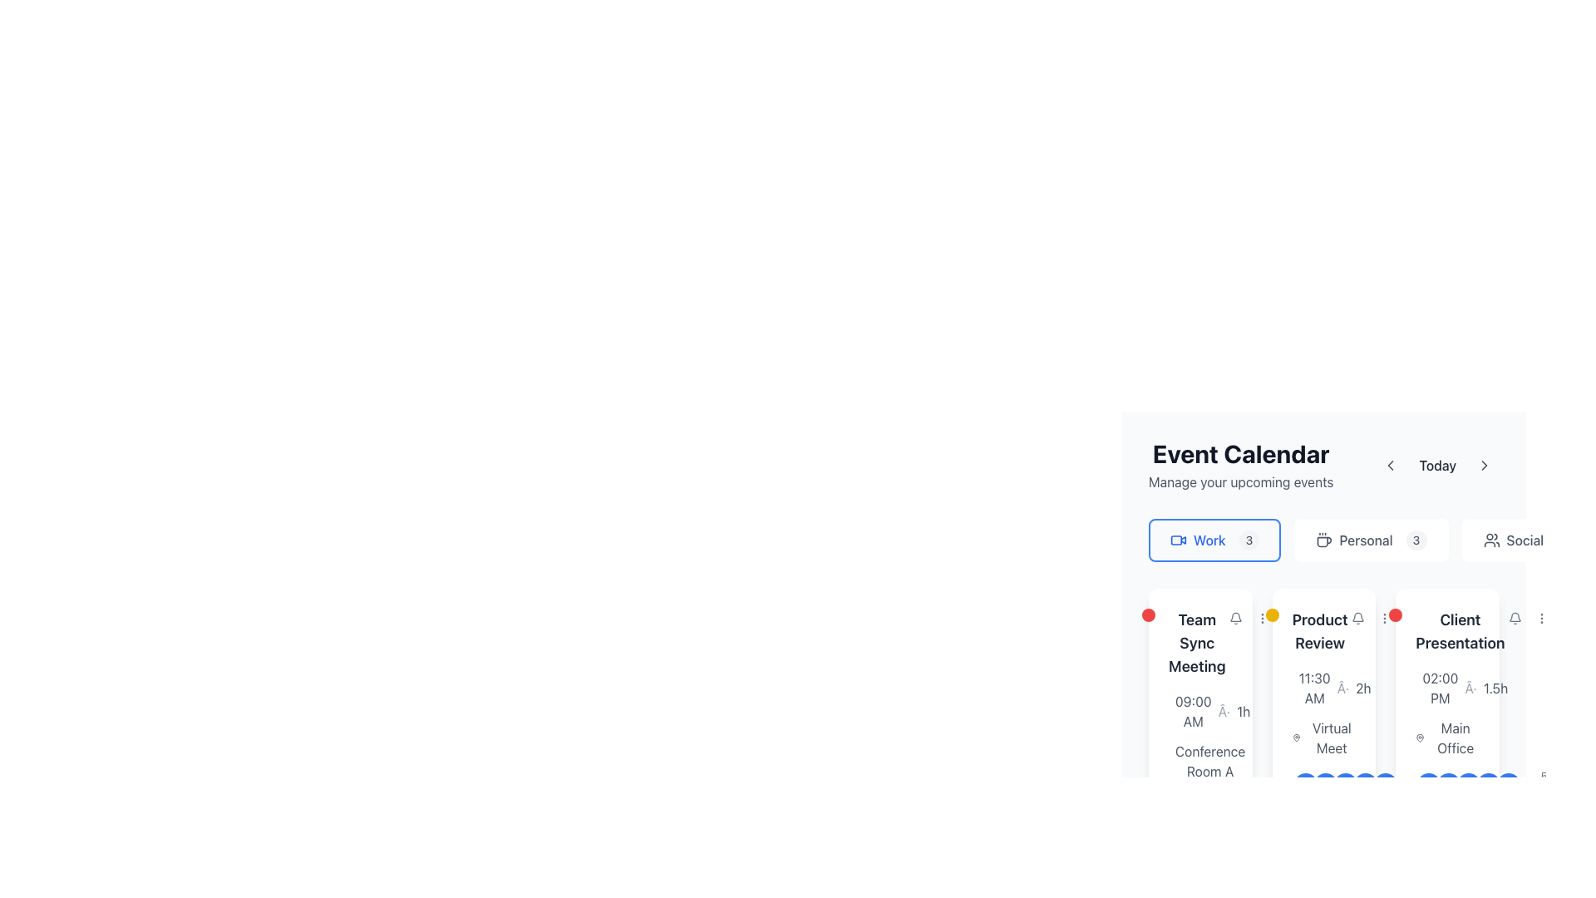  Describe the element at coordinates (1323, 729) in the screenshot. I see `the 'Product Review' event card located in the middle of the grid layout` at that location.